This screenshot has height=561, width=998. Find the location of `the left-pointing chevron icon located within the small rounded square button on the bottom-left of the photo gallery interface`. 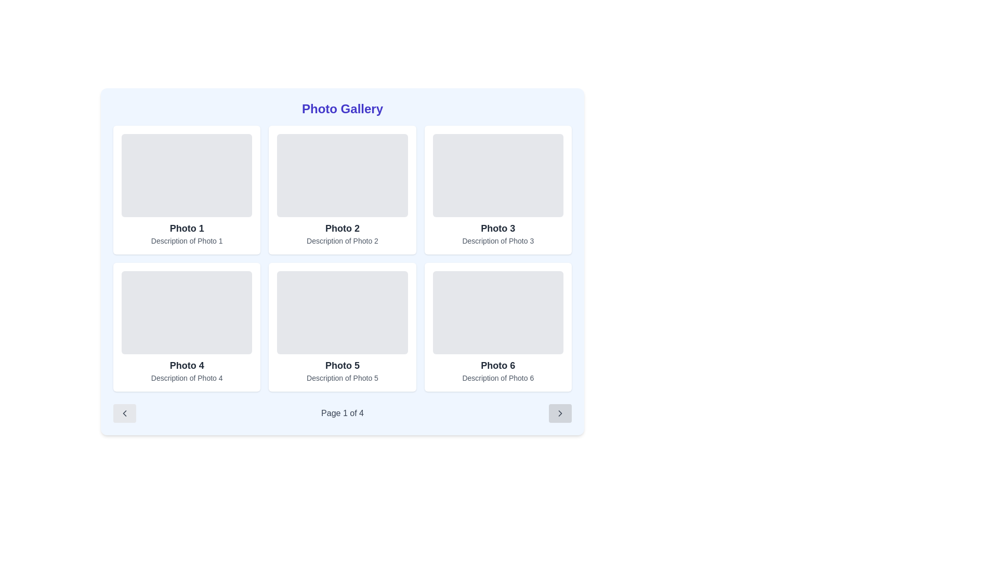

the left-pointing chevron icon located within the small rounded square button on the bottom-left of the photo gallery interface is located at coordinates (125, 412).